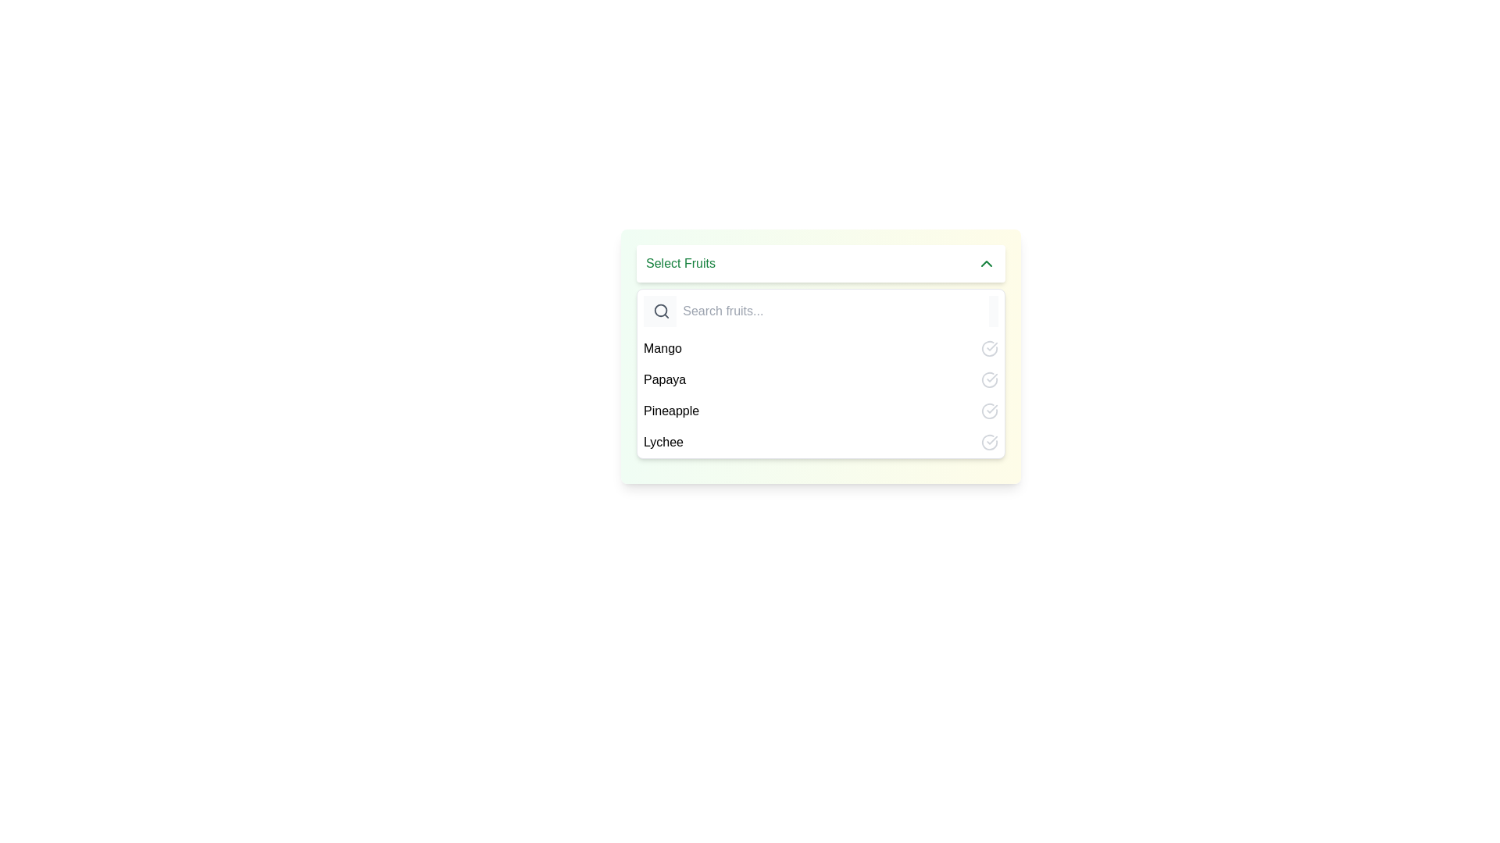  I want to click on the list item displaying 'Lychee', so click(820, 443).